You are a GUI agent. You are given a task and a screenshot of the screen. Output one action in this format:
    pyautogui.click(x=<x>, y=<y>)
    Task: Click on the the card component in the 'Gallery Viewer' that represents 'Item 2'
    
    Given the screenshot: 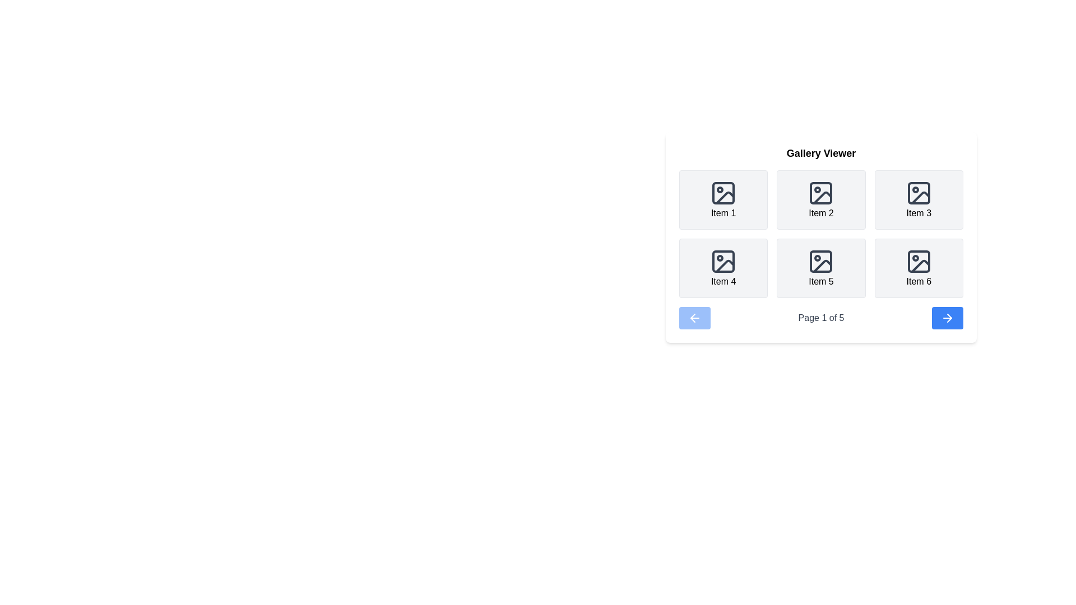 What is the action you would take?
    pyautogui.click(x=821, y=199)
    